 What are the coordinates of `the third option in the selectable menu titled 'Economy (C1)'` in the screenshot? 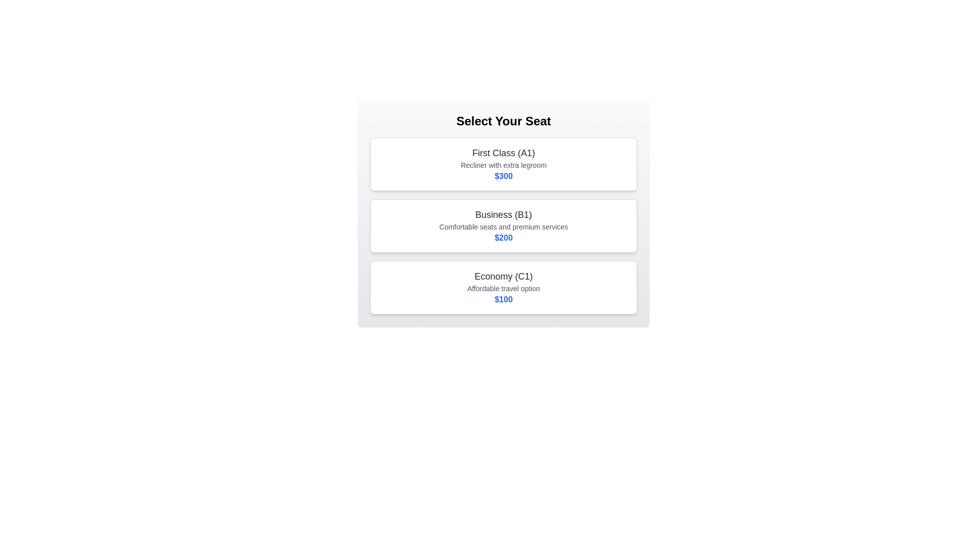 It's located at (504, 288).